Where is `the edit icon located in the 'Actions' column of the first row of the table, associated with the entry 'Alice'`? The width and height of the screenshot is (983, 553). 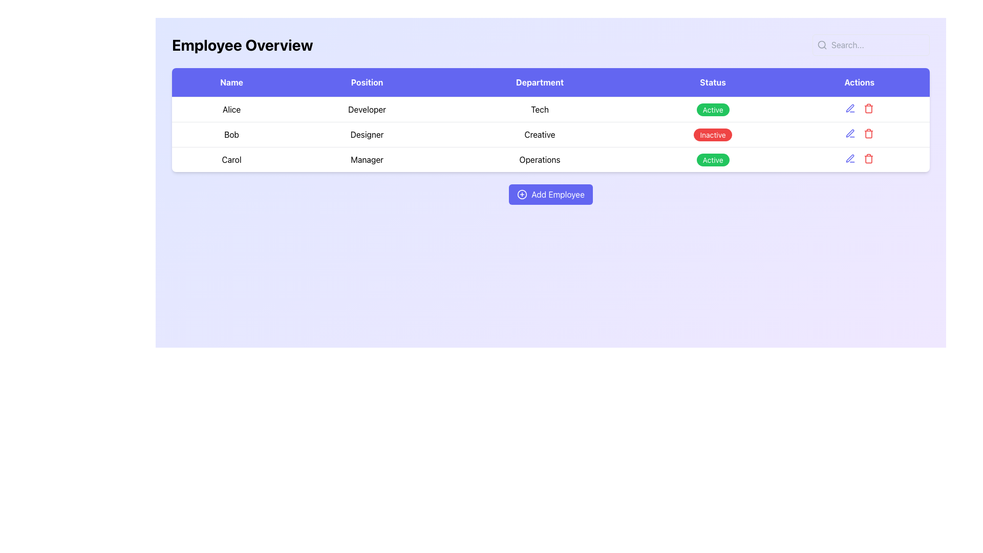
the edit icon located in the 'Actions' column of the first row of the table, associated with the entry 'Alice' is located at coordinates (859, 109).